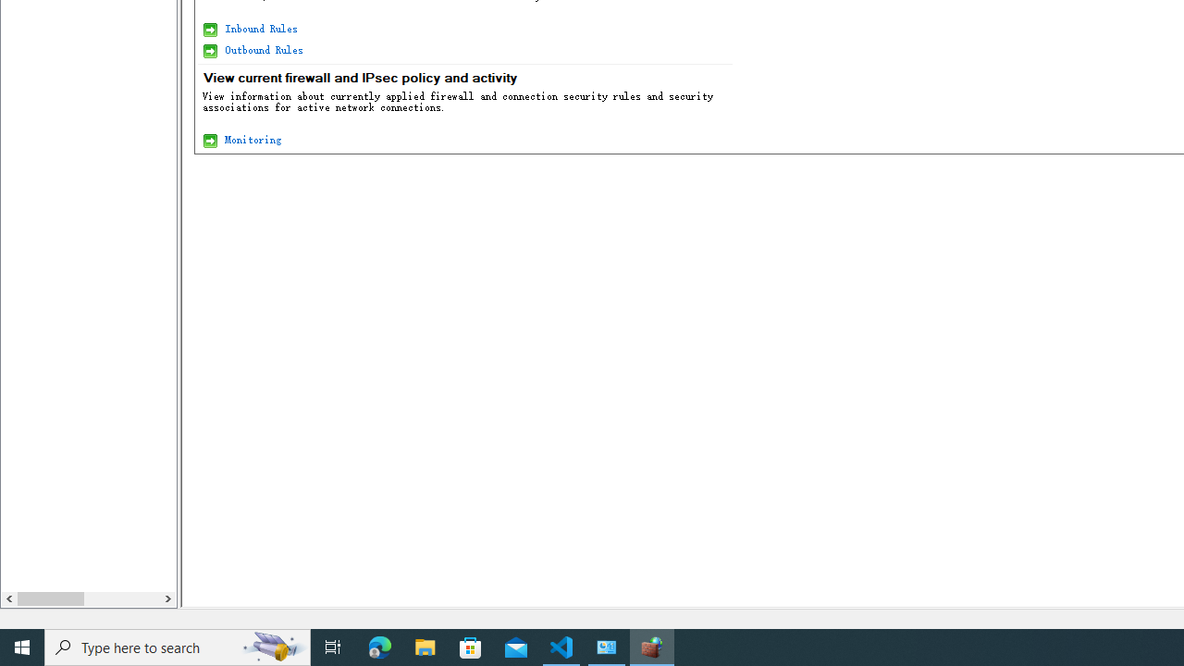  Describe the element at coordinates (258, 28) in the screenshot. I see `'Inbound Rules'` at that location.